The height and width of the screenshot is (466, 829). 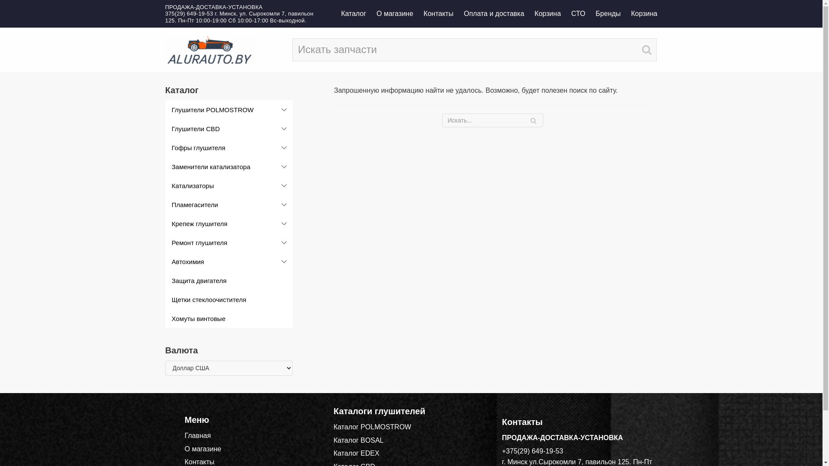 I want to click on 'alurauto.by', so click(x=209, y=50).